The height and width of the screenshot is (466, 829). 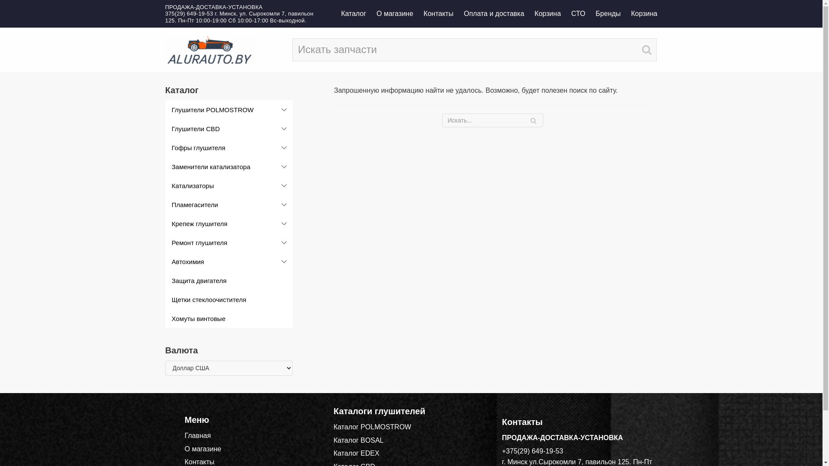 I want to click on 'alurauto.by', so click(x=209, y=50).